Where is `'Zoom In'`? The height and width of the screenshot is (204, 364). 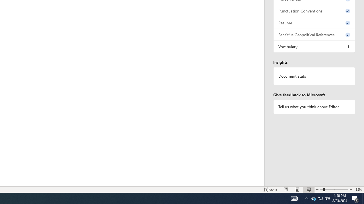
'Zoom In' is located at coordinates (350, 190).